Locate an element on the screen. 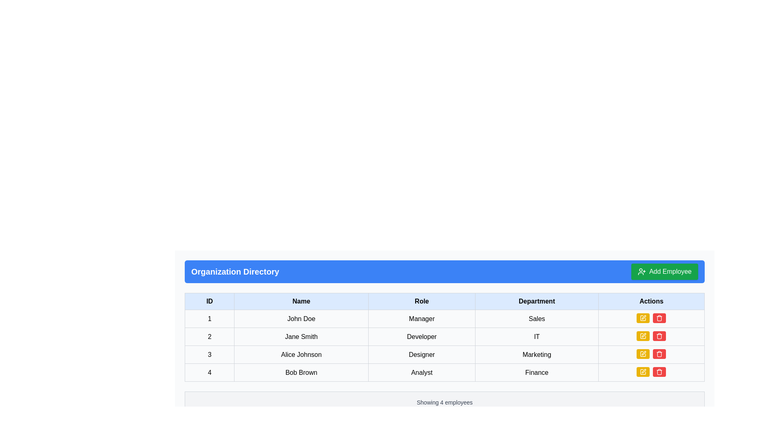 Image resolution: width=783 pixels, height=440 pixels. the text label displaying the name of a person in the second row of the table under the 'Name' column is located at coordinates (301, 337).